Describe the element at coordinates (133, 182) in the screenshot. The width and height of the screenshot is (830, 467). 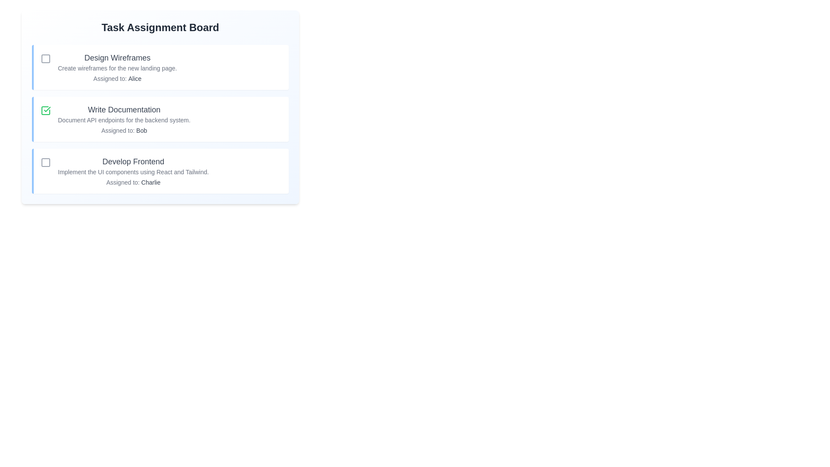
I see `the Text label displaying the assignee 'Charlie' for the 'Develop Frontend' task, located at the bottom of the task card` at that location.